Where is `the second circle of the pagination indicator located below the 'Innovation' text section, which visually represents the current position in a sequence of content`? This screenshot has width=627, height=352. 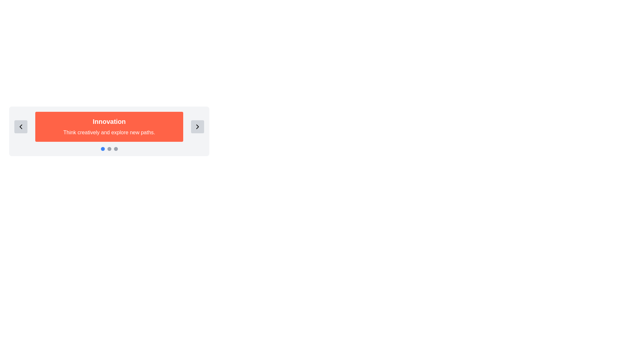
the second circle of the pagination indicator located below the 'Innovation' text section, which visually represents the current position in a sequence of content is located at coordinates (109, 149).